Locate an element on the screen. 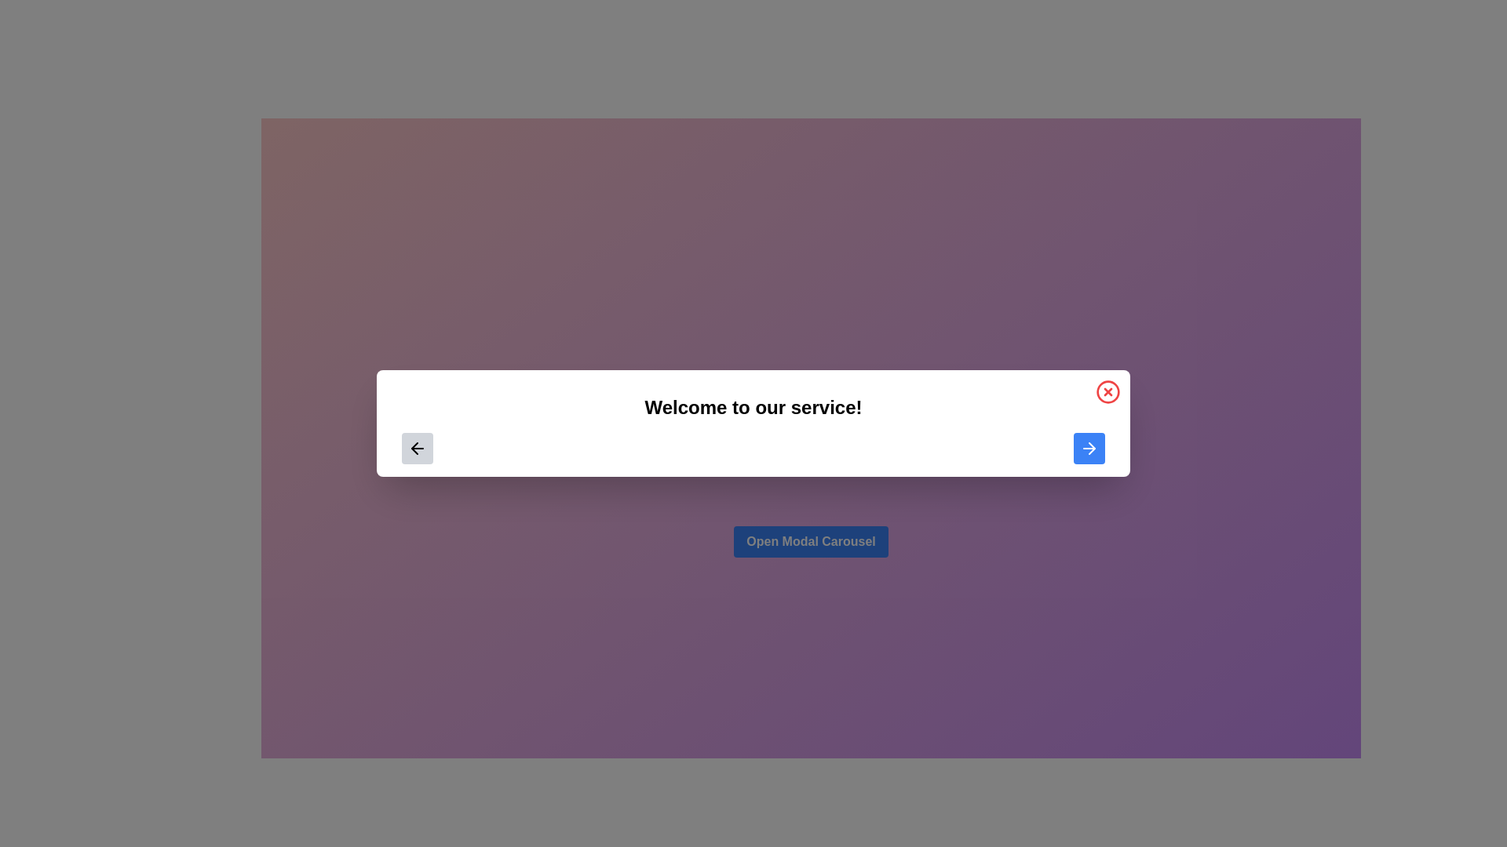 The height and width of the screenshot is (847, 1507). the static text element reading 'Welcome to our service!' which is styled in bold and large font and is centrally located below a circular icon button is located at coordinates (753, 407).